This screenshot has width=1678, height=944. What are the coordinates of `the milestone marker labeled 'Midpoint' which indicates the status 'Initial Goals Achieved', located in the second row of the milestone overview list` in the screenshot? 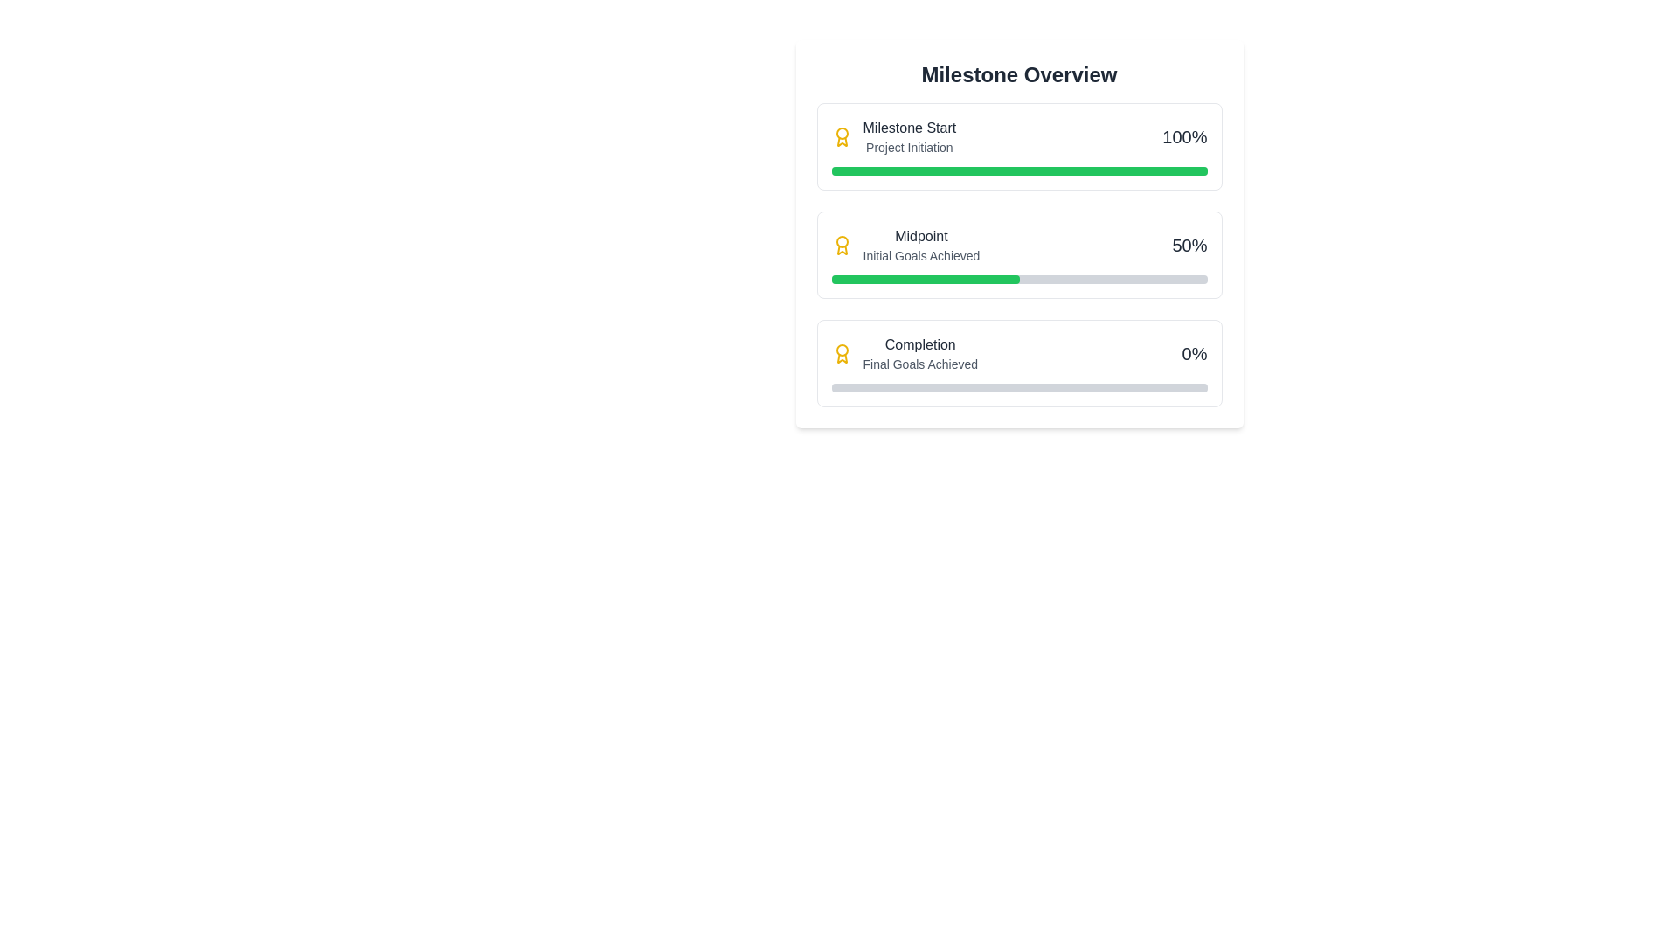 It's located at (905, 246).